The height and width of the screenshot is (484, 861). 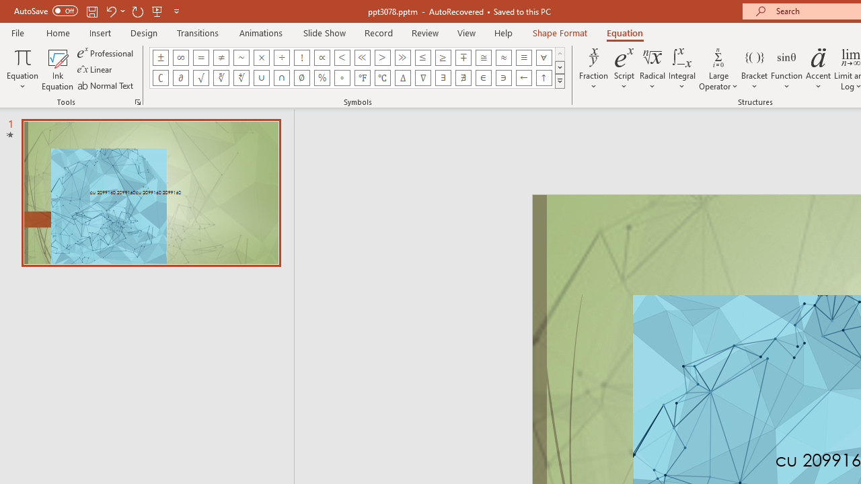 What do you see at coordinates (180, 77) in the screenshot?
I see `'Equation Symbol Partial Differential'` at bounding box center [180, 77].